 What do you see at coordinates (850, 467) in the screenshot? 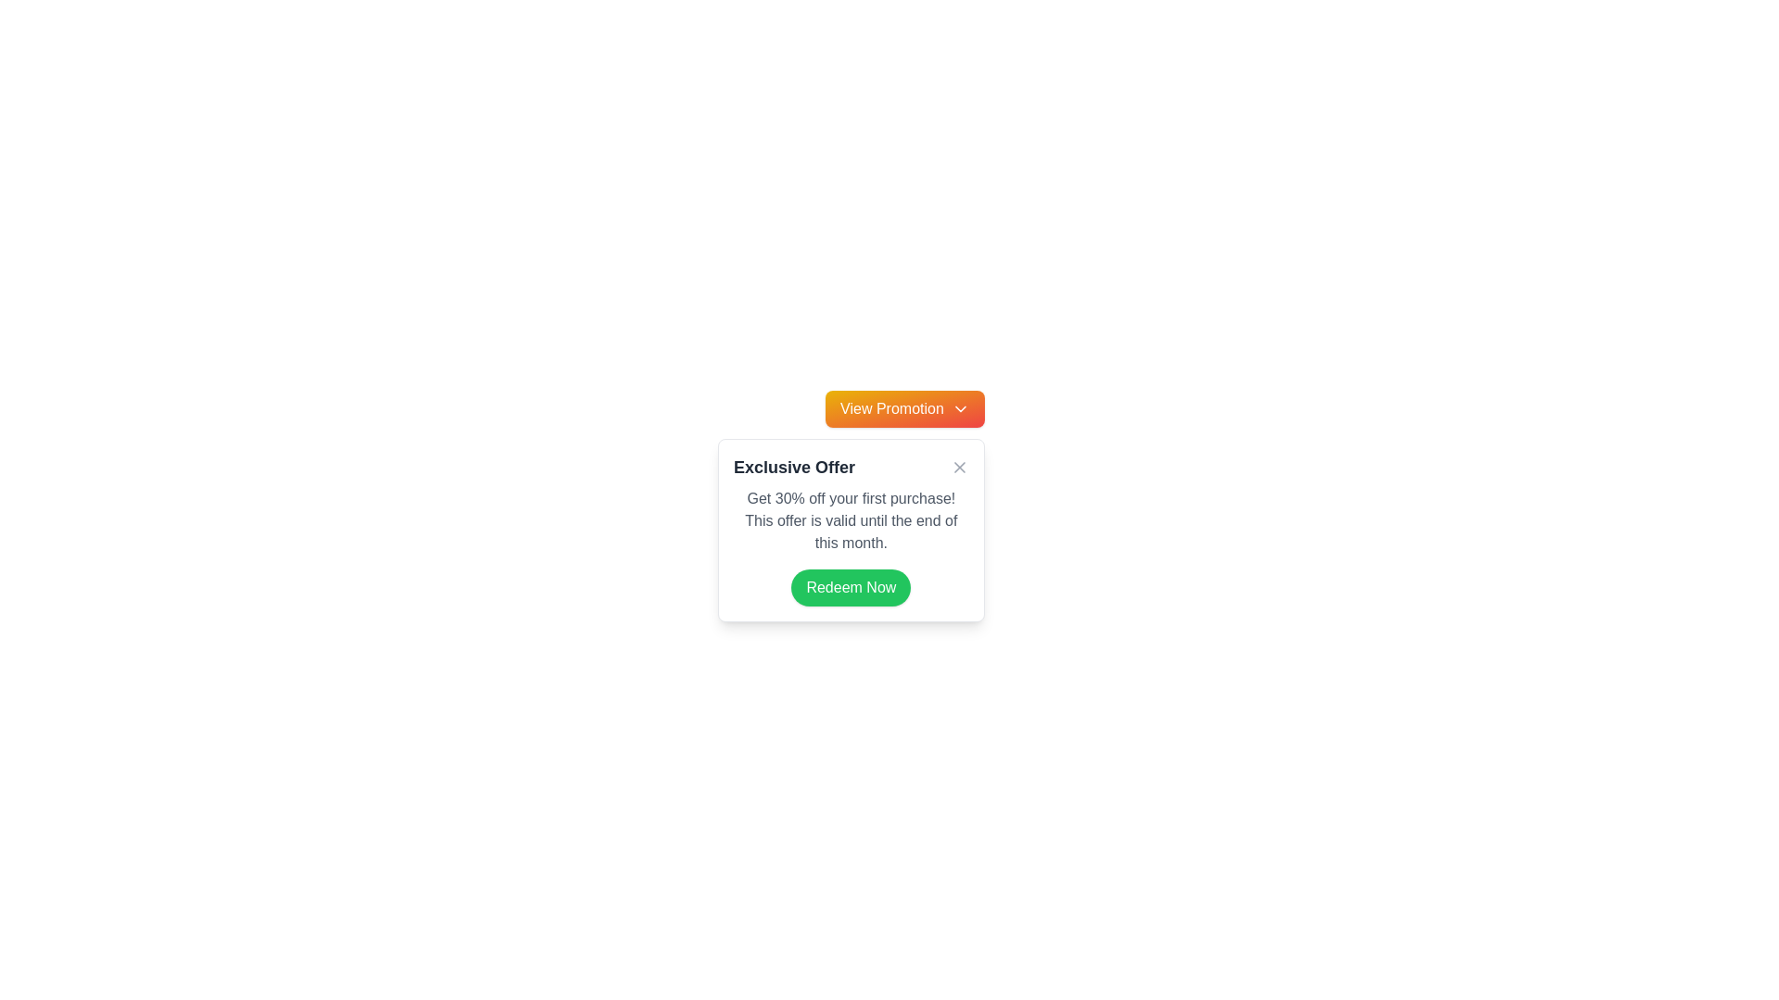
I see `bold text label saying 'Exclusive Offer' located at the top of the promotional pop-up panel, aligned to the left` at bounding box center [850, 467].